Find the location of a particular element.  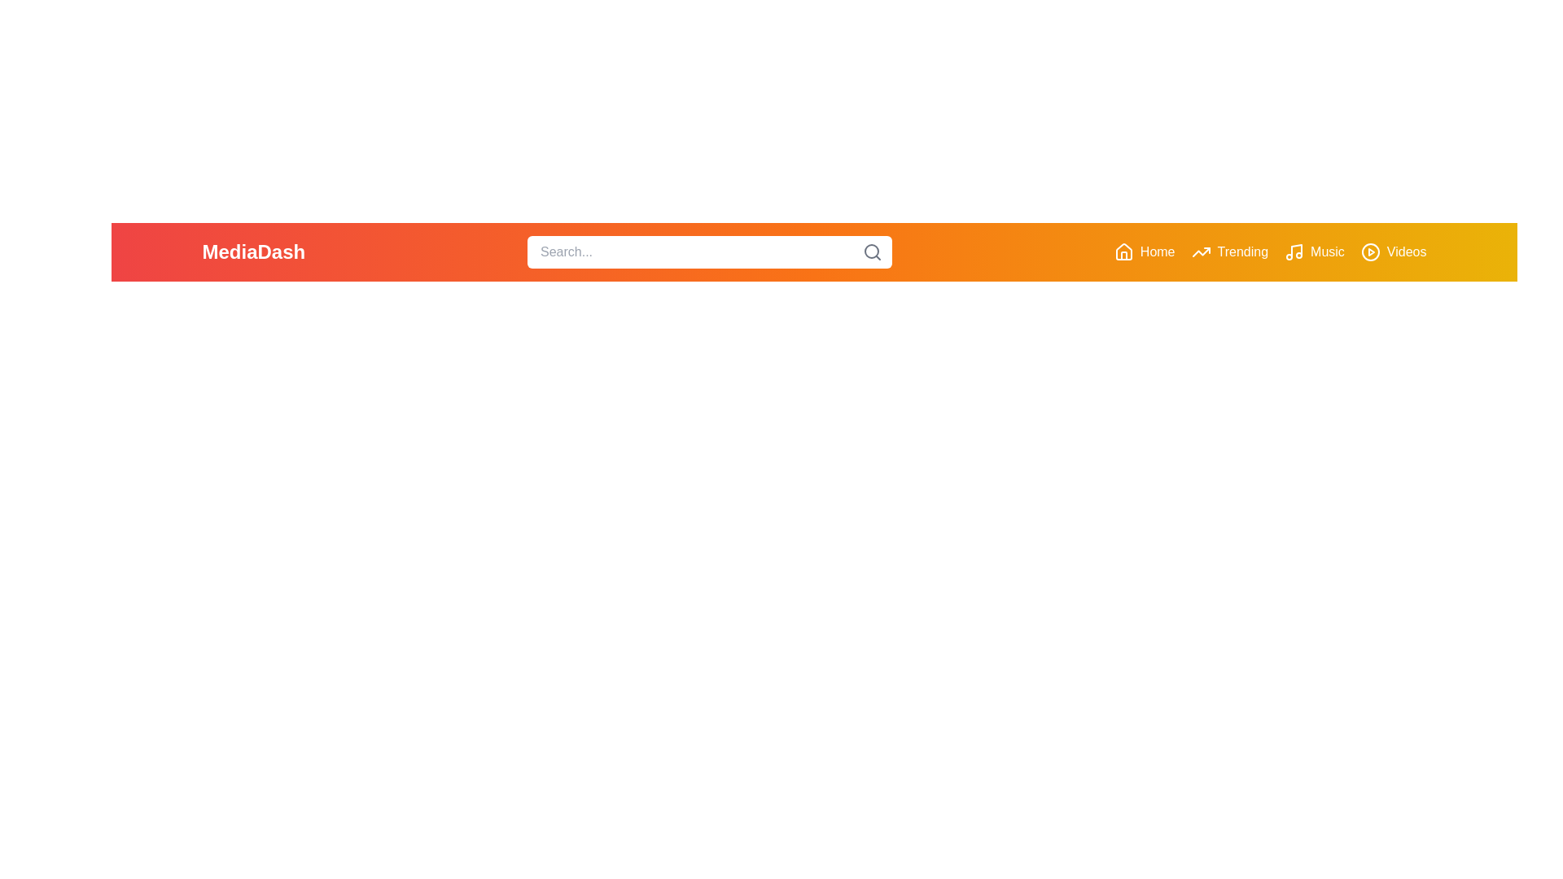

the Trending button in the navigation bar is located at coordinates (1229, 251).